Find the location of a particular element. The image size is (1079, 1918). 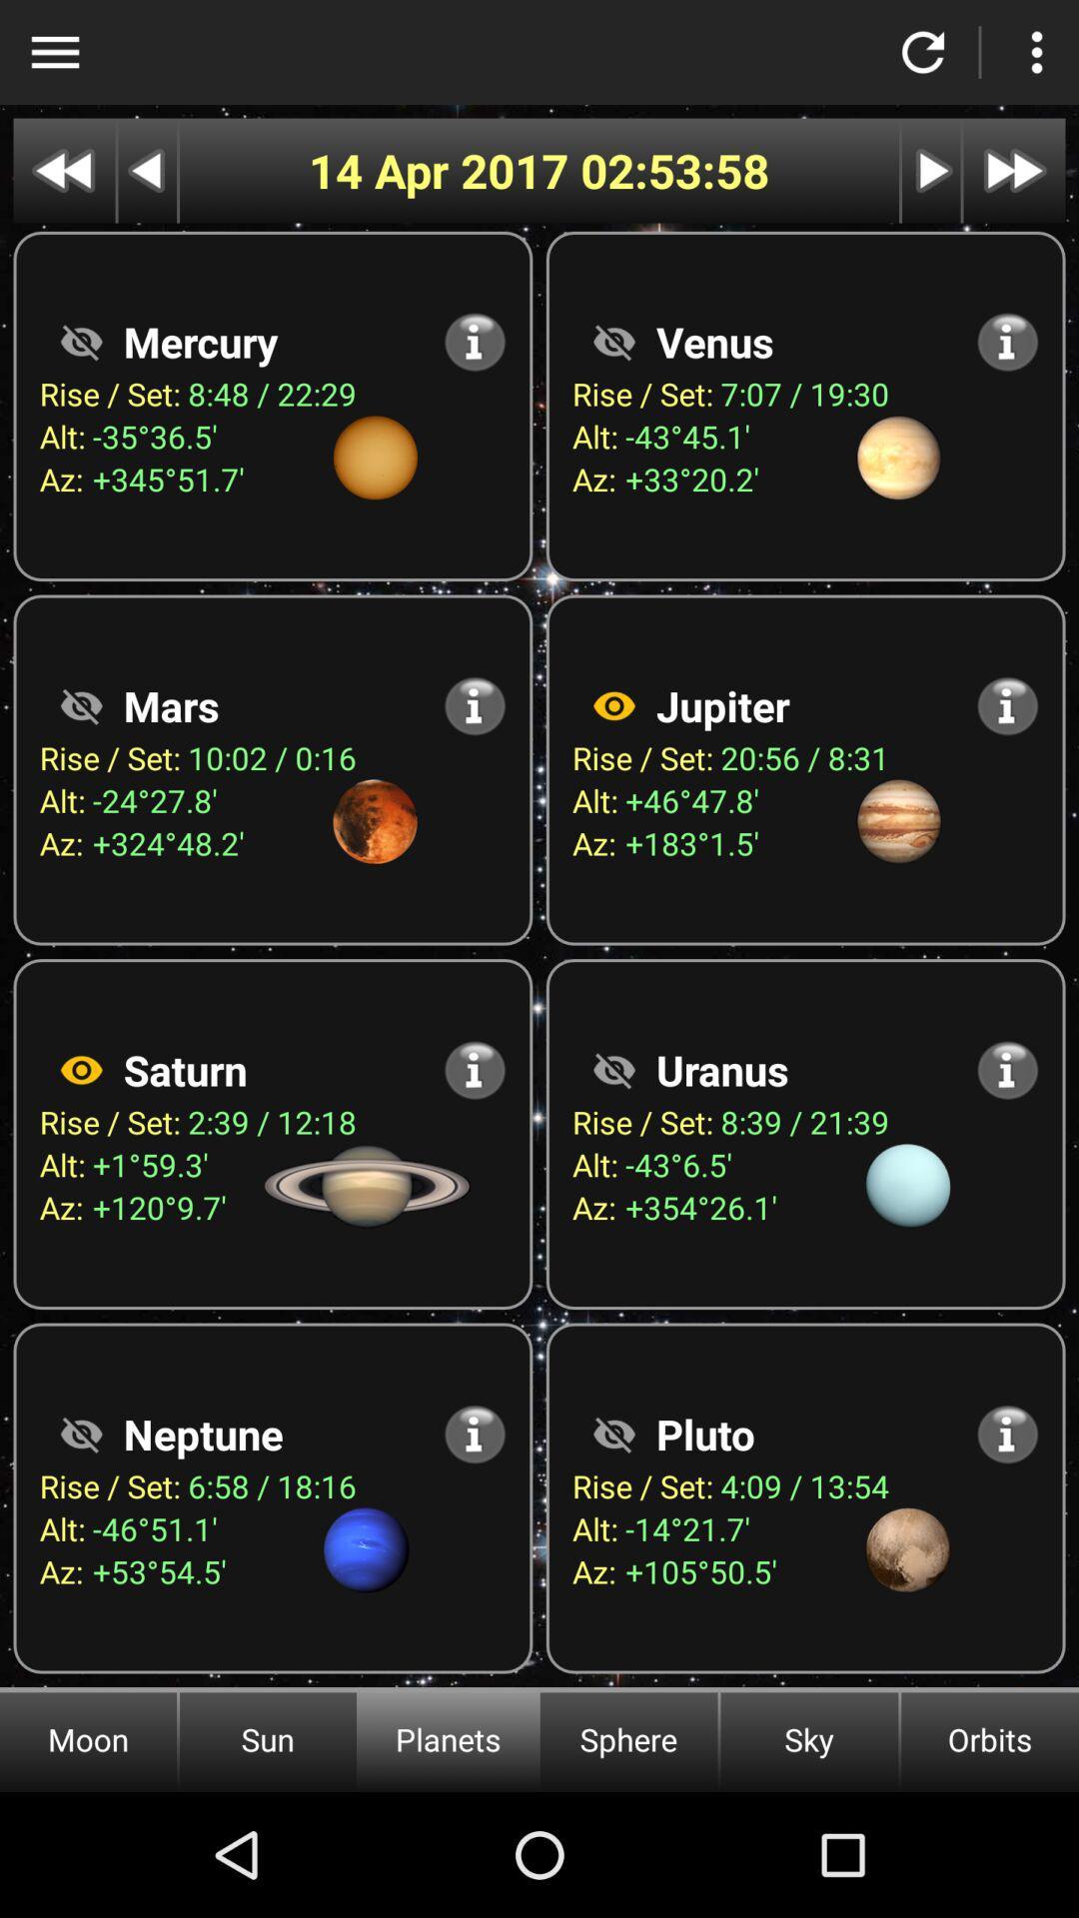

previous day link is located at coordinates (146, 171).